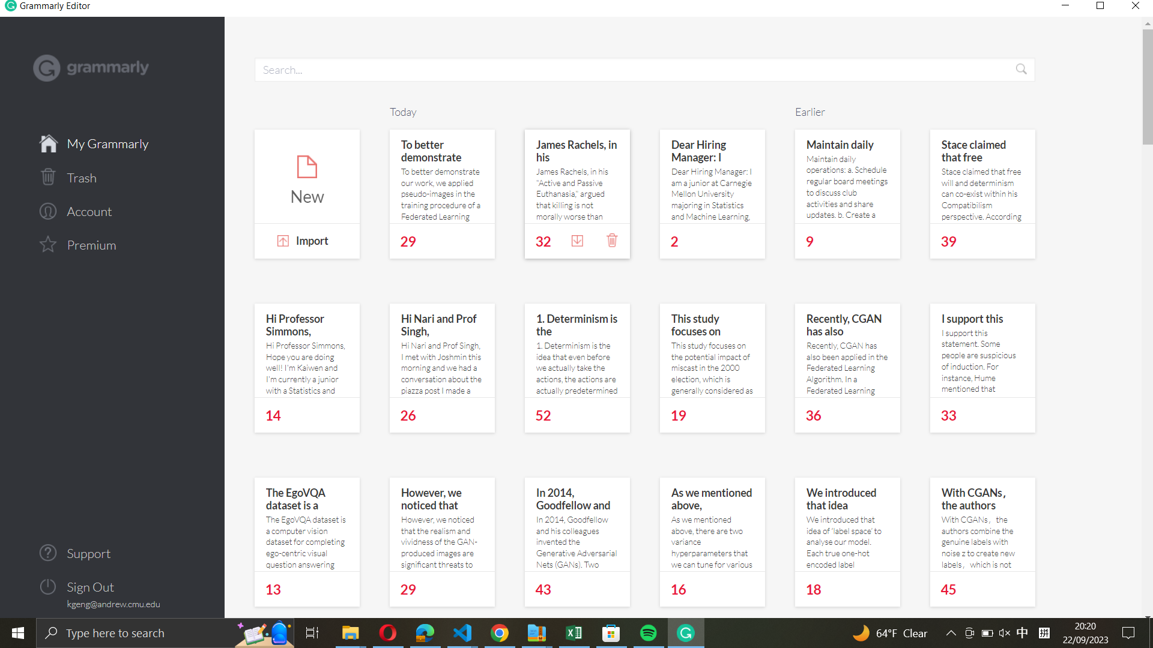 This screenshot has height=648, width=1153. What do you see at coordinates (441, 176) in the screenshot?
I see `the "Note Better Demonstrate" document` at bounding box center [441, 176].